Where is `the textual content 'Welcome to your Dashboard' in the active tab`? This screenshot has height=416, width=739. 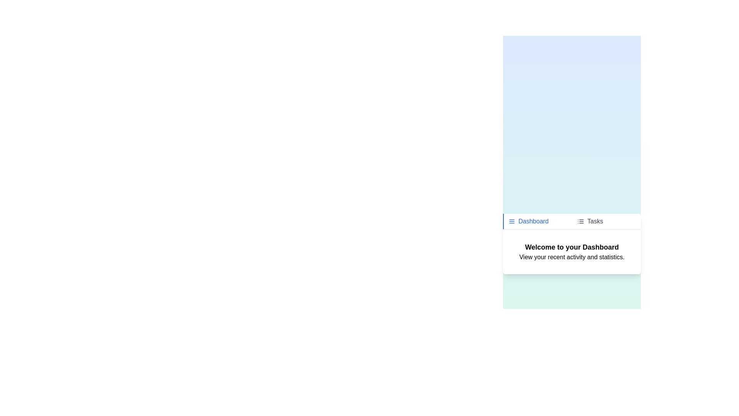
the textual content 'Welcome to your Dashboard' in the active tab is located at coordinates (572, 247).